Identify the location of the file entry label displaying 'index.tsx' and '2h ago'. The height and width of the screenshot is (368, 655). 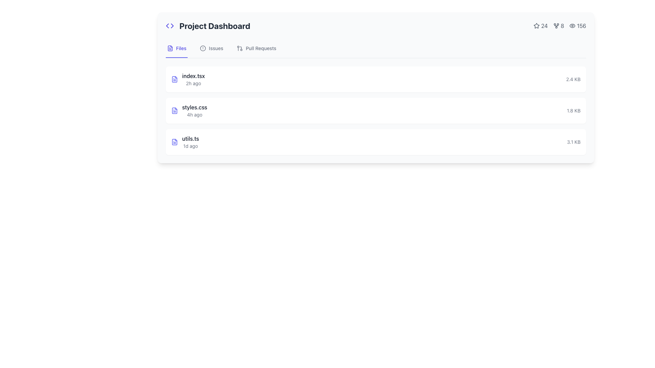
(193, 79).